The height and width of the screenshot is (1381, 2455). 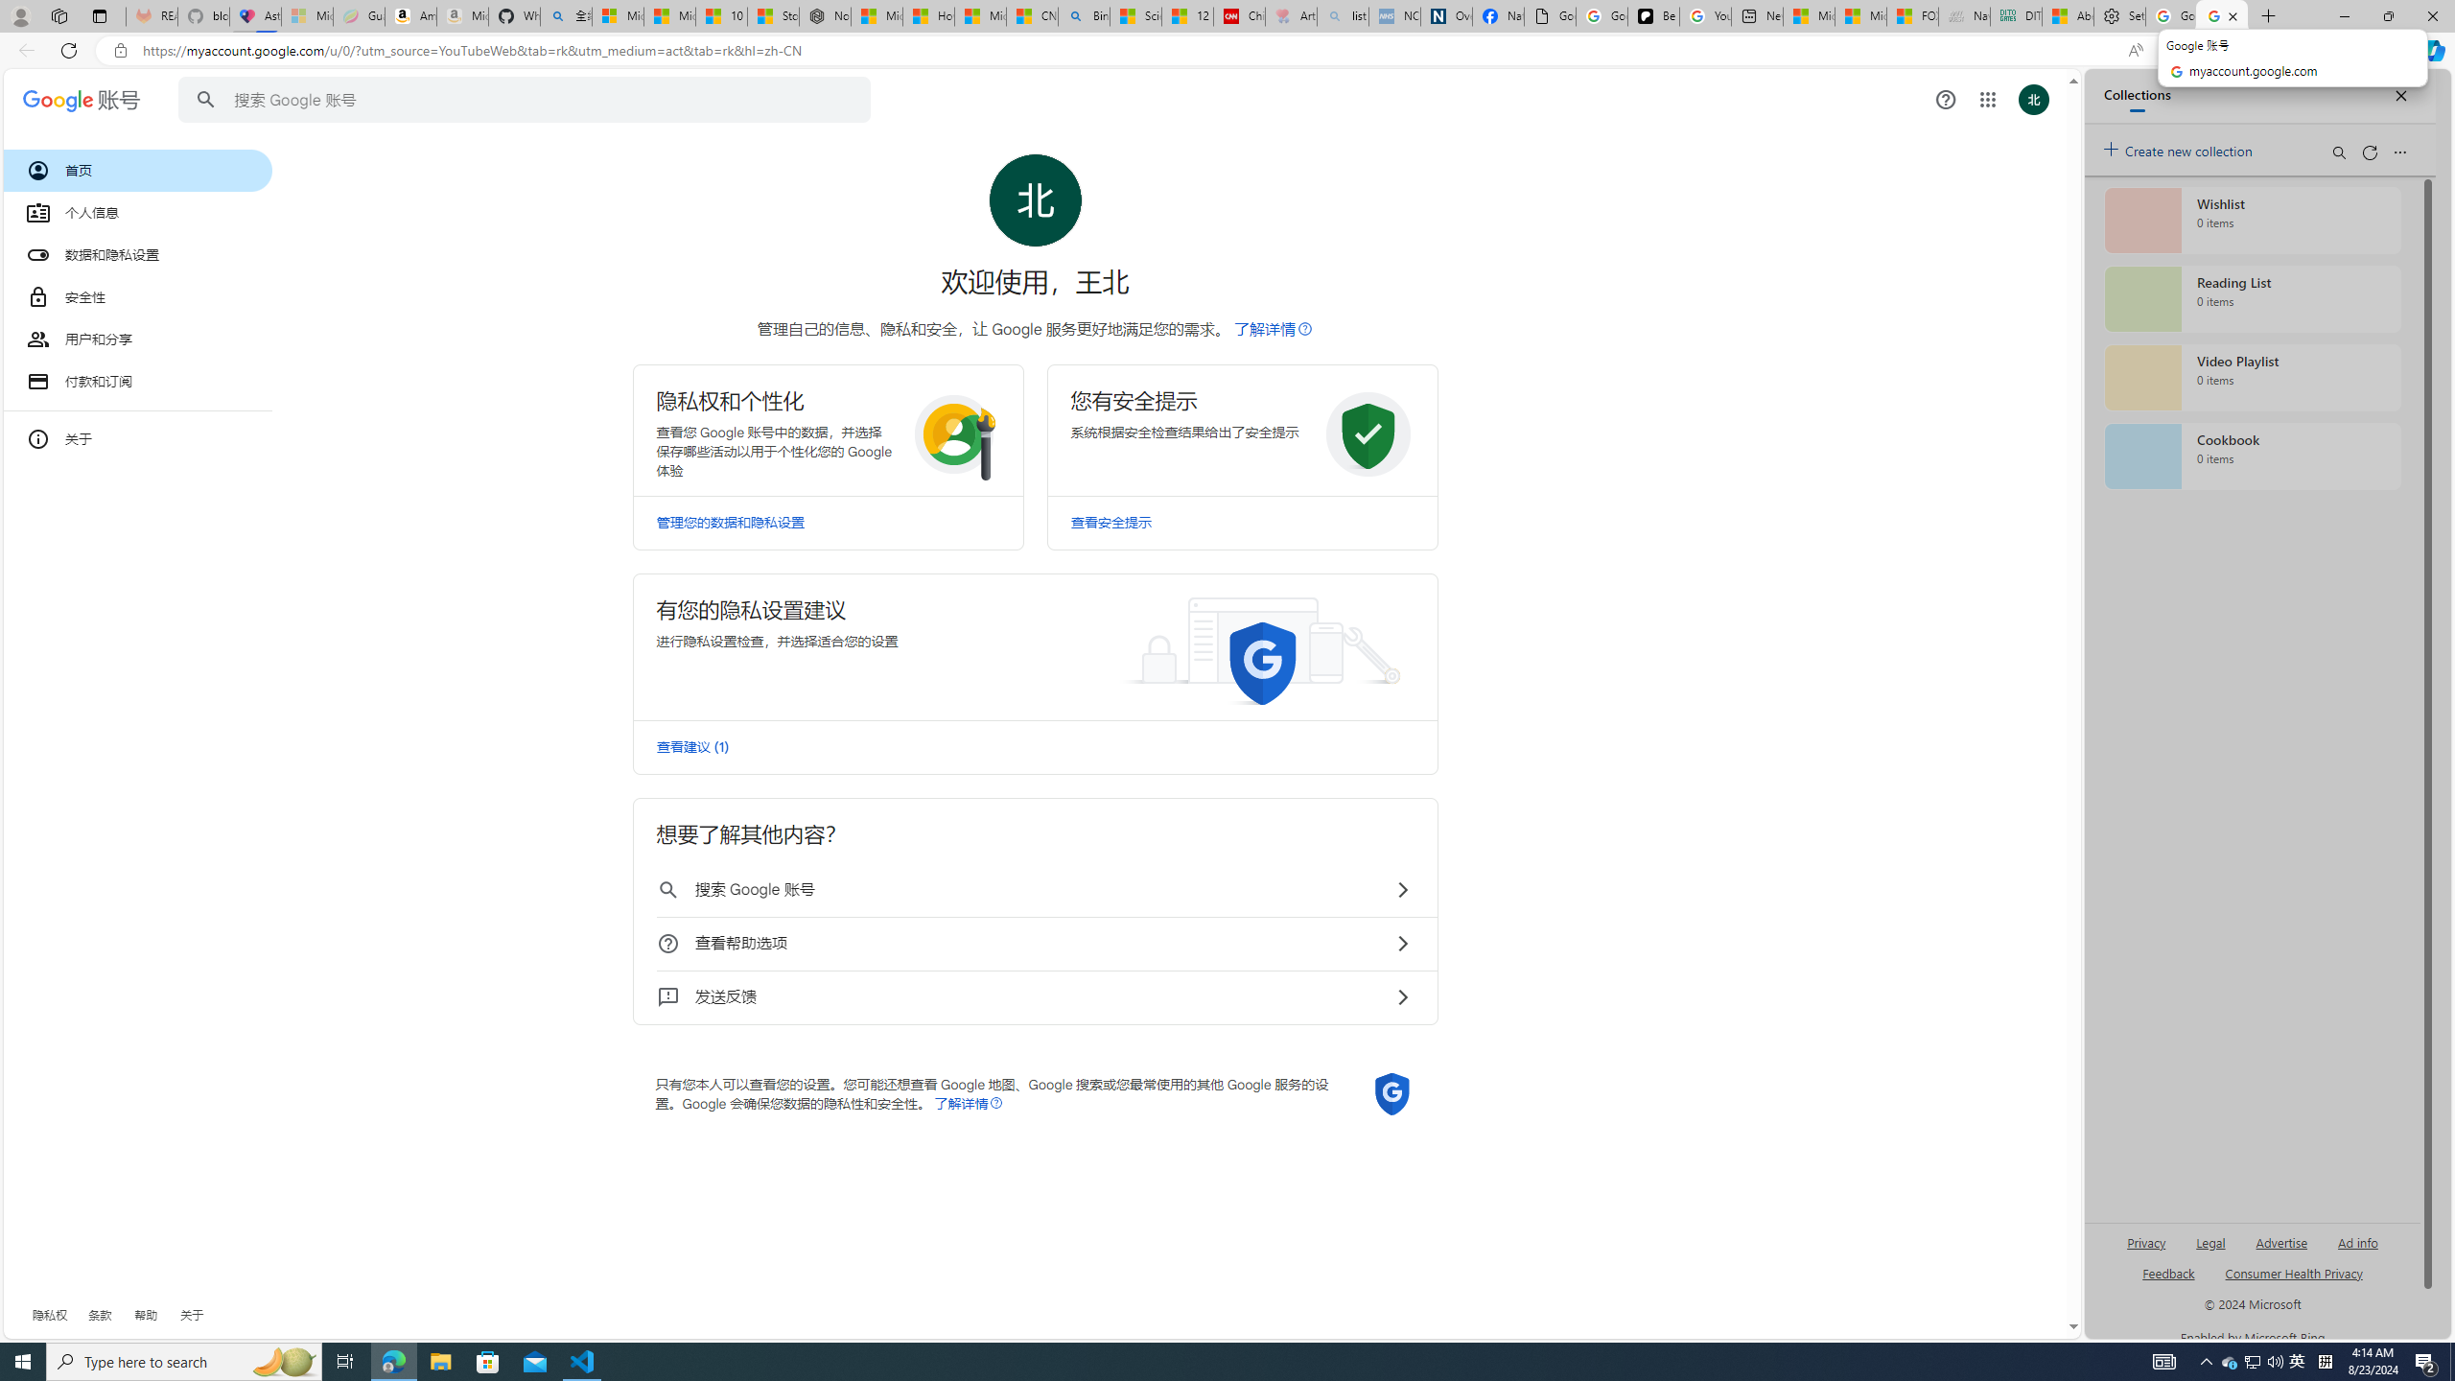 What do you see at coordinates (1911, 15) in the screenshot?
I see `'FOX News - MSN'` at bounding box center [1911, 15].